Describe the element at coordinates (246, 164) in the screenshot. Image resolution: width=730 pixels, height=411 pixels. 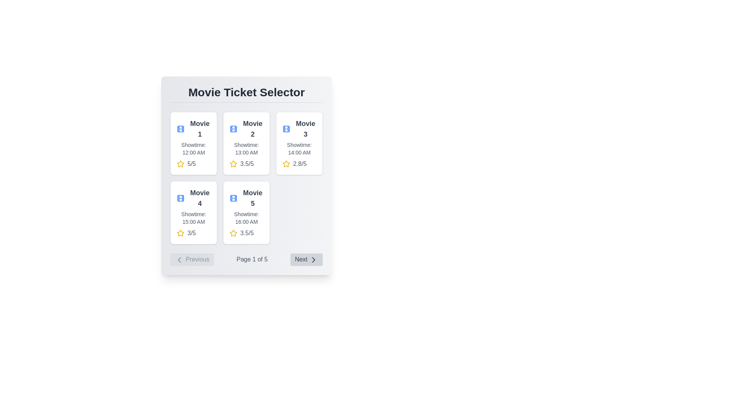
I see `rating value from the Rating Display Component, which shows '3.5 out of 5' and is located under the 'Showtime: 13:00 AM' text in the second card of the grid layout` at that location.